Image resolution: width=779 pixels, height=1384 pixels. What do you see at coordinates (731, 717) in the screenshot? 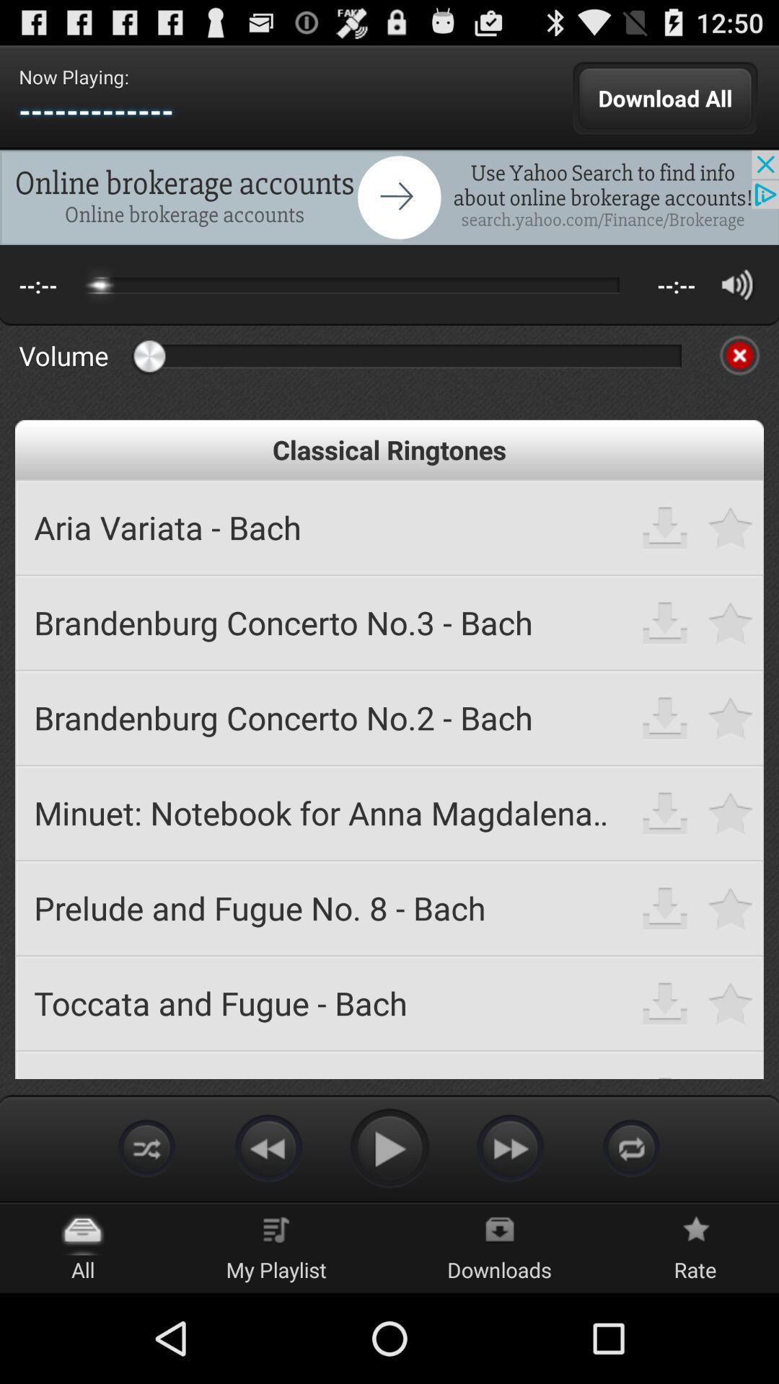
I see `the third star icon on the right side of the web page` at bounding box center [731, 717].